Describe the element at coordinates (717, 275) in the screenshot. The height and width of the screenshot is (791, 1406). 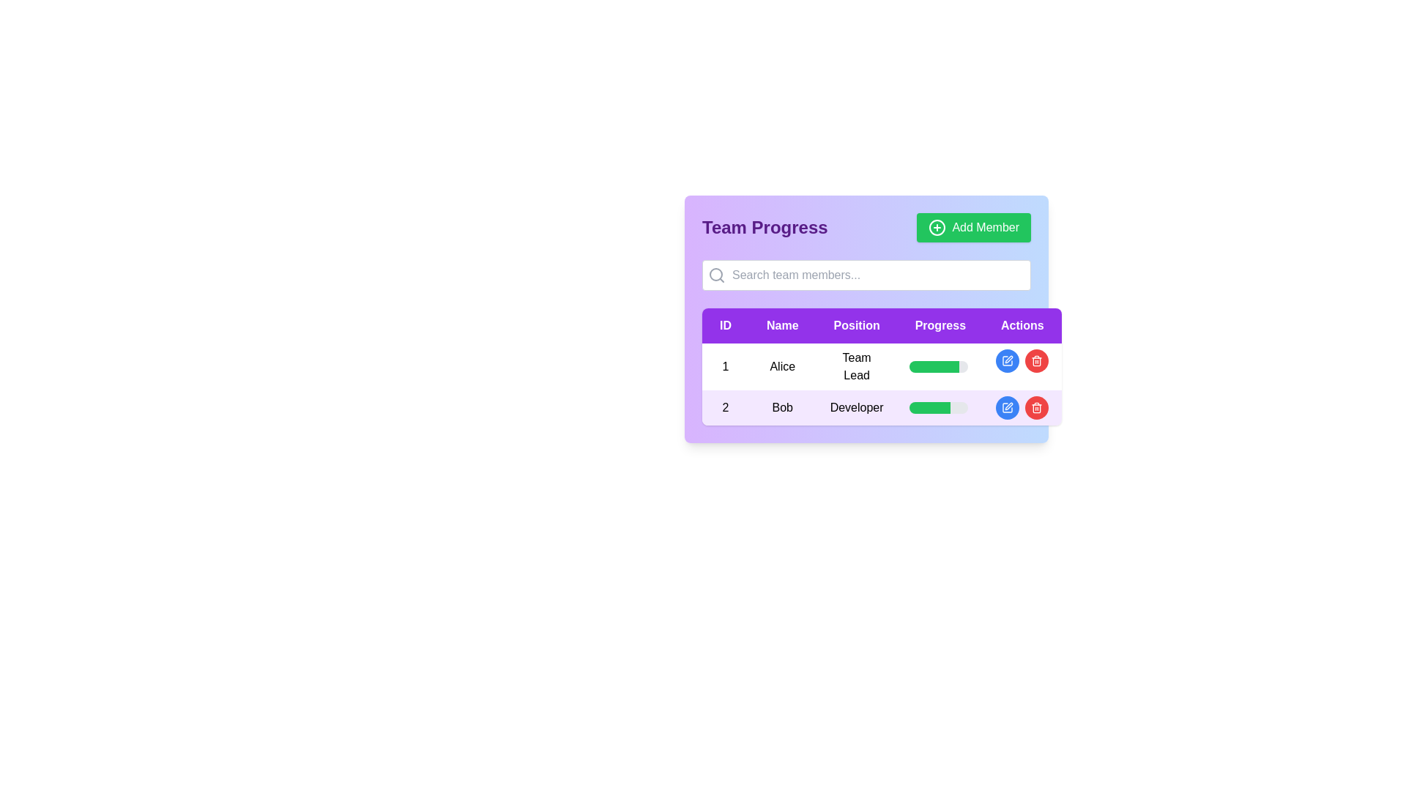
I see `the magnifying glass icon representing the search function, which is styled with a thin outline and located to the left of the input field's placeholder text 'Search team members...'` at that location.